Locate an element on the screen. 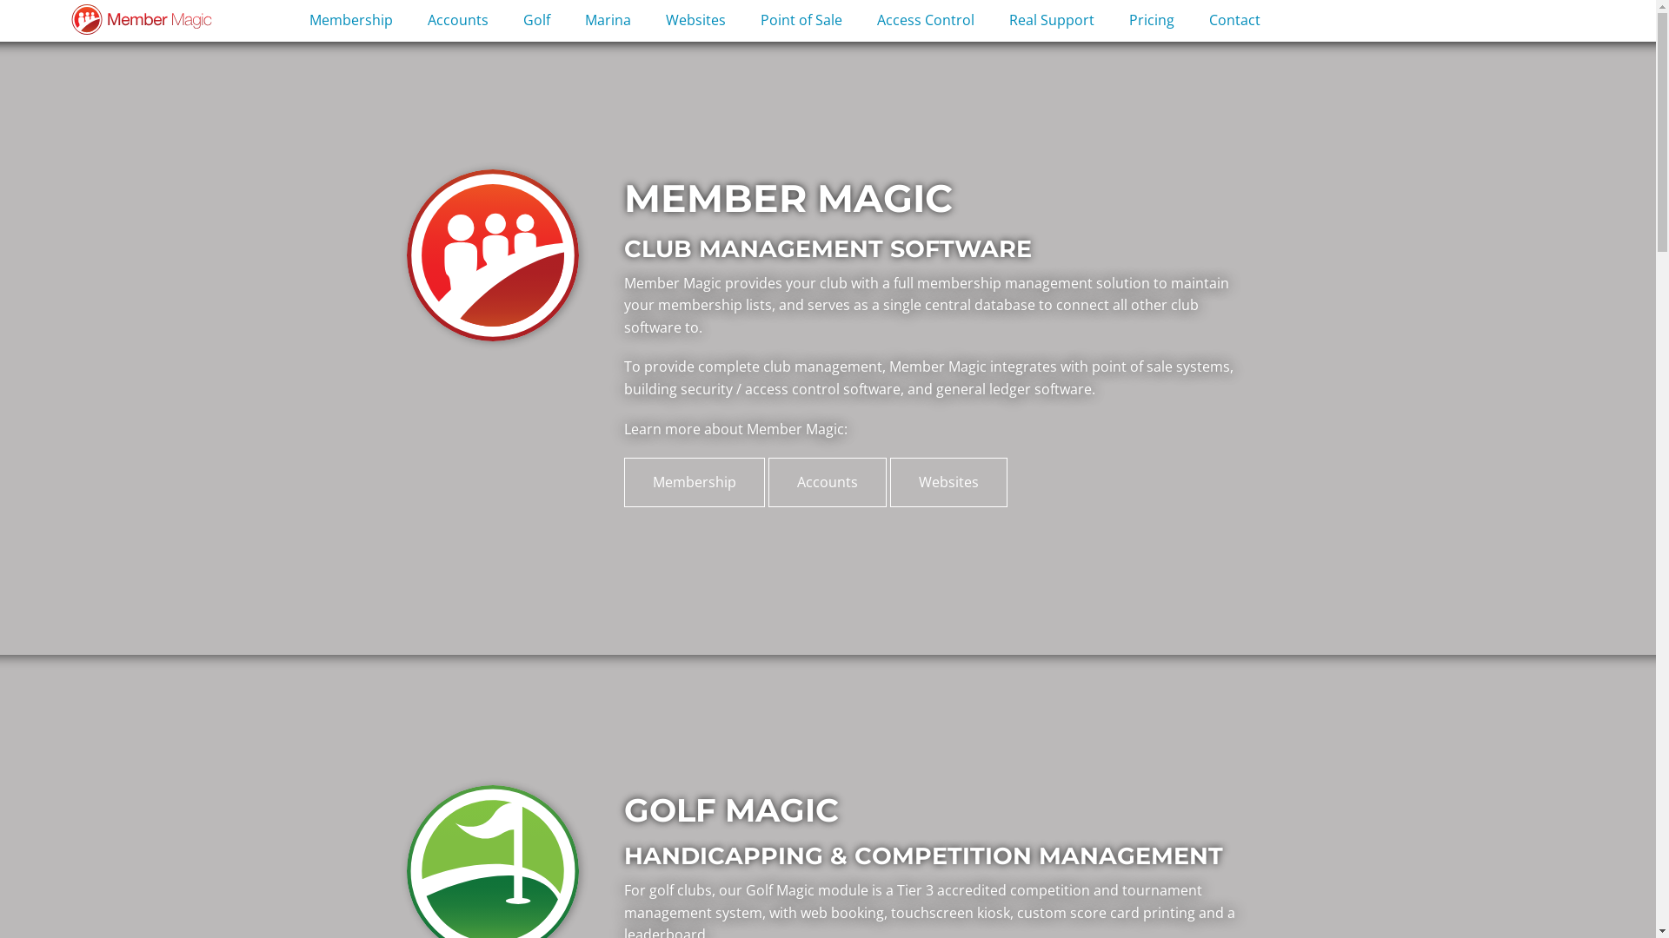 This screenshot has width=1669, height=938. 'Real Support' is located at coordinates (1050, 21).